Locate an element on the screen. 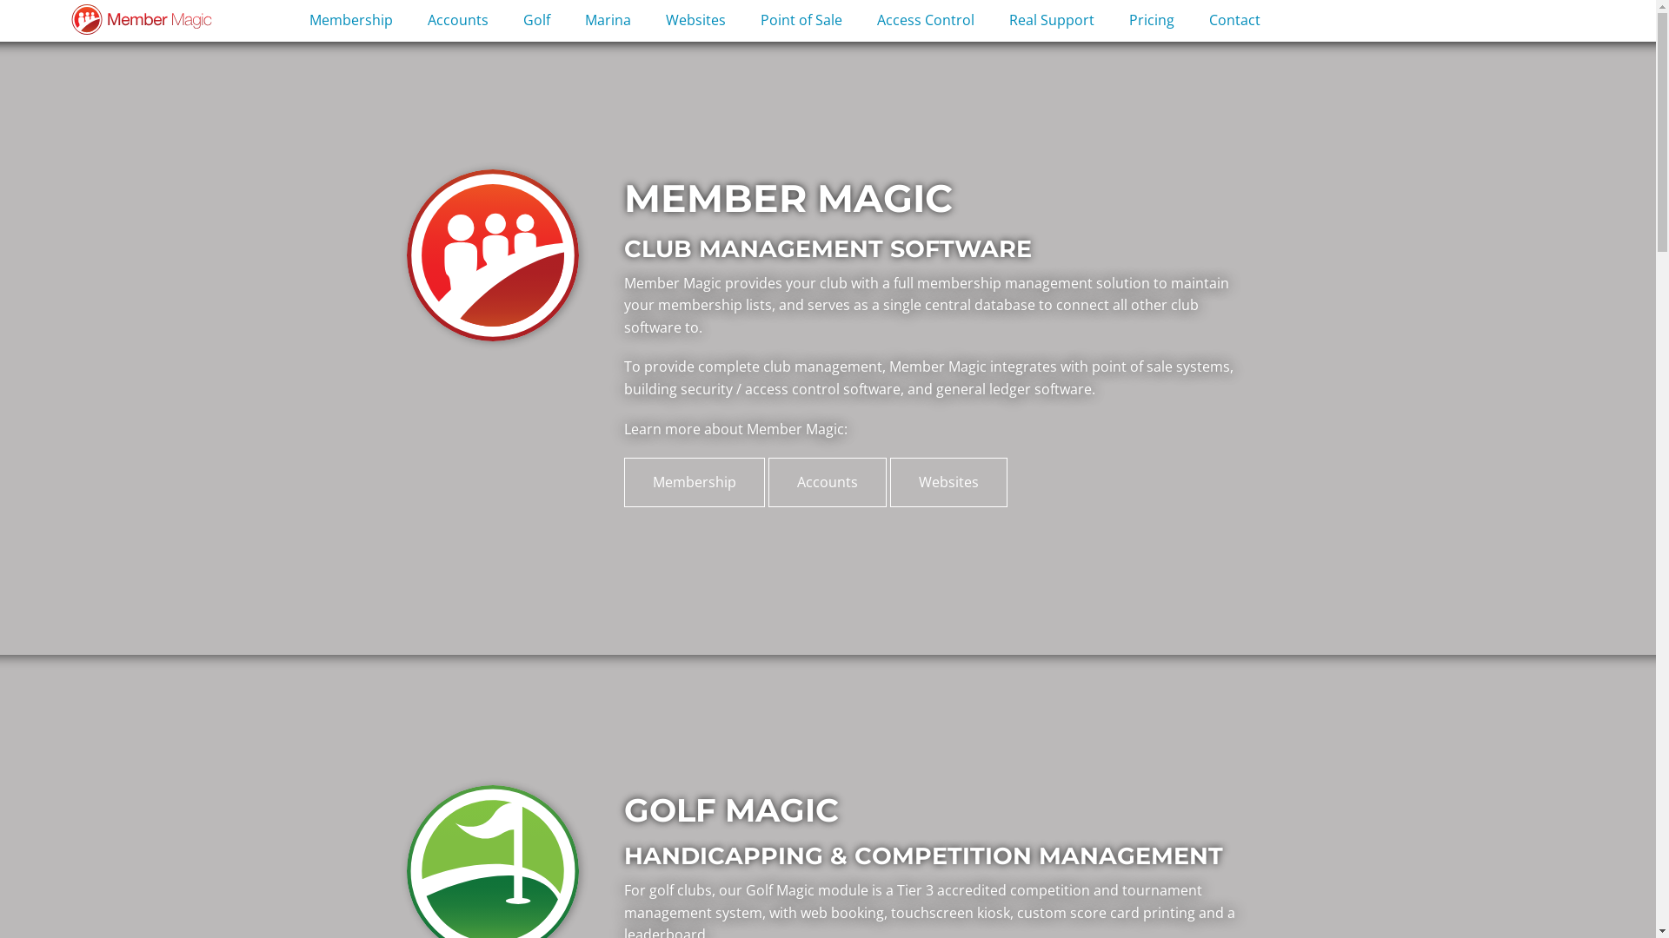 This screenshot has width=1669, height=938. 'Real Support' is located at coordinates (1050, 21).